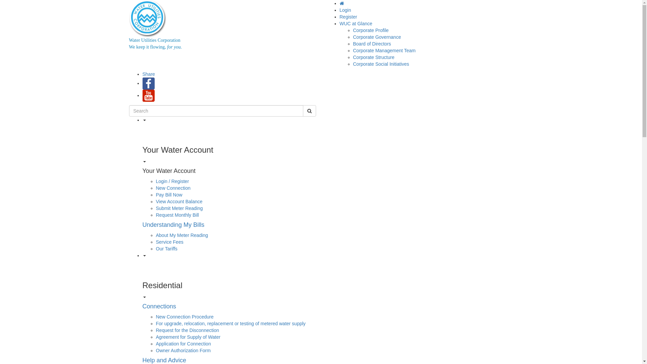 This screenshot has width=647, height=364. Describe the element at coordinates (170, 241) in the screenshot. I see `'Service Fees'` at that location.